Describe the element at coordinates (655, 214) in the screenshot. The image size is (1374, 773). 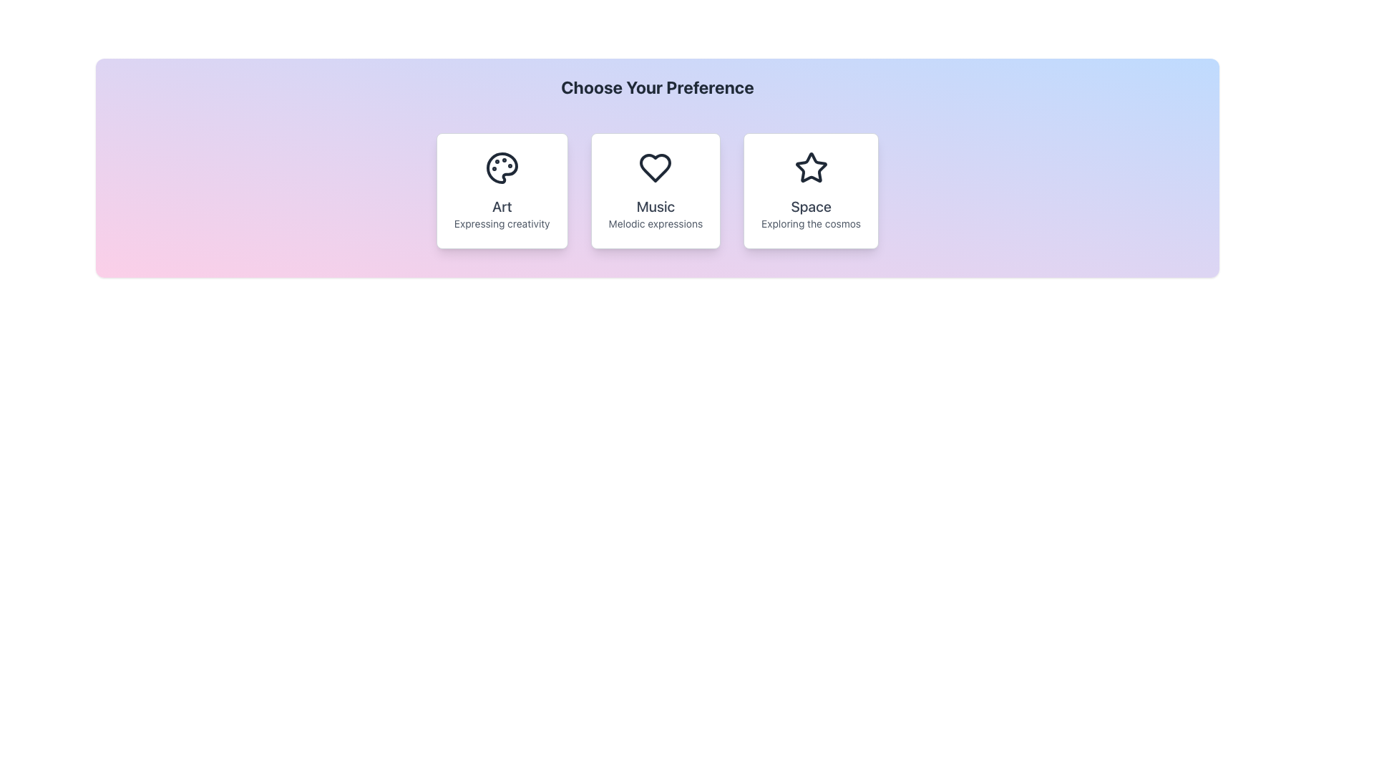
I see `the 'Music' TextBlock element, which serves as a label and description for the music section` at that location.